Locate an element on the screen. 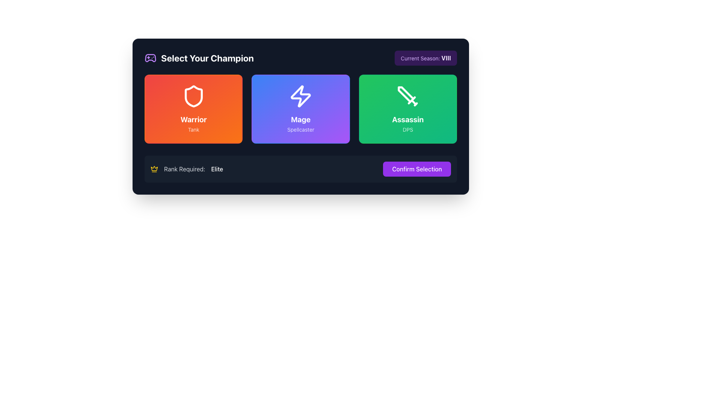 Image resolution: width=721 pixels, height=405 pixels. the decorative icon located at the far left of the header row, preceding the text 'Select Your Champion' is located at coordinates (150, 57).